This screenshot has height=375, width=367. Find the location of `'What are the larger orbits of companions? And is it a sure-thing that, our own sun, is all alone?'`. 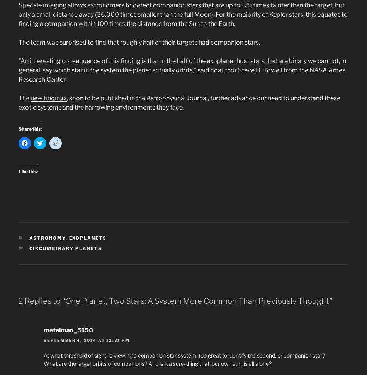

'What are the larger orbits of companions? And is it a sure-thing that, our own sun, is all alone?' is located at coordinates (157, 363).